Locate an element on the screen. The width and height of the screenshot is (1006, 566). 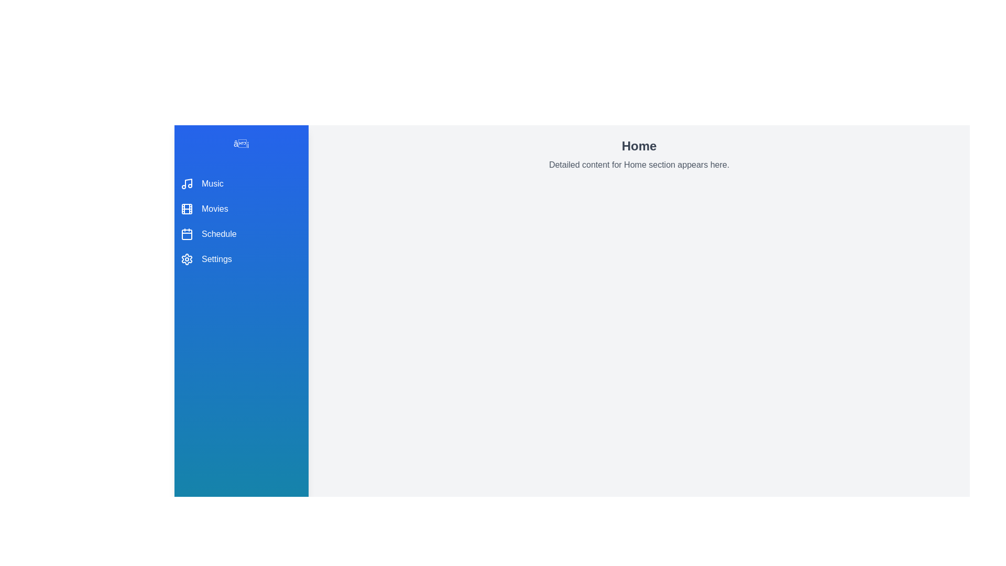
the menu item Music is located at coordinates (240, 183).